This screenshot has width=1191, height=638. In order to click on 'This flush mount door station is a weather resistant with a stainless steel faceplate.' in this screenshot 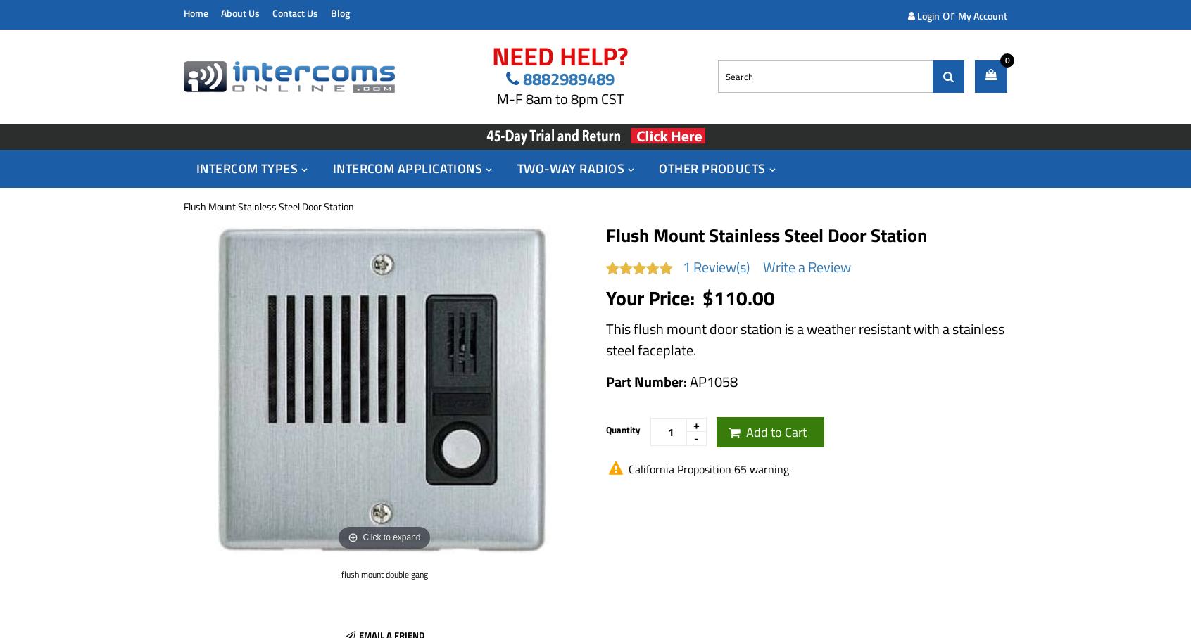, I will do `click(804, 338)`.